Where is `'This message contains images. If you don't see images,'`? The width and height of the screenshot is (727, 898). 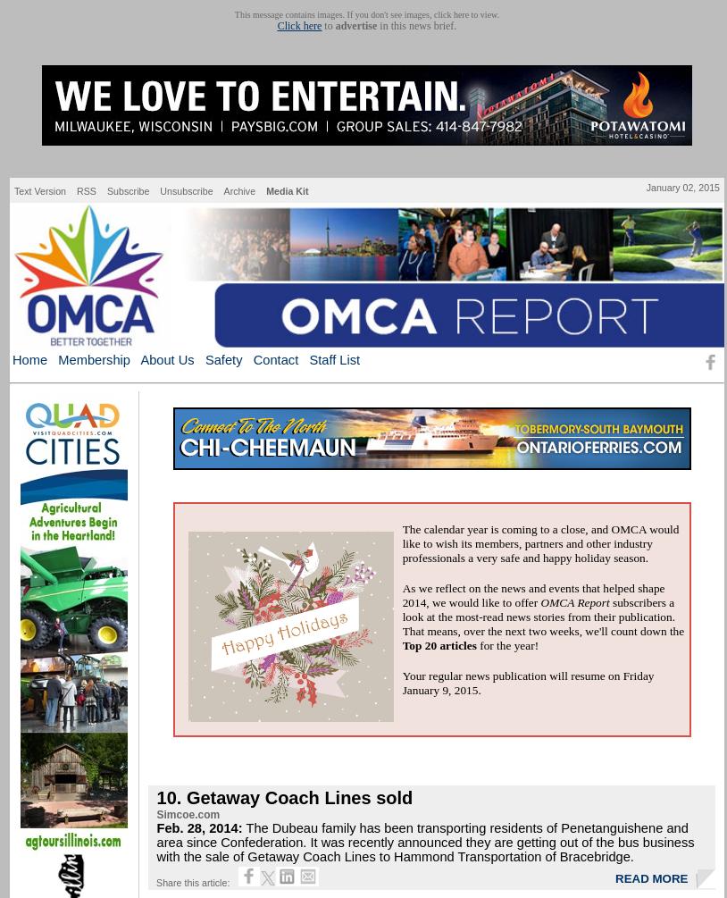
'This message contains images. If you don't see images,' is located at coordinates (333, 14).